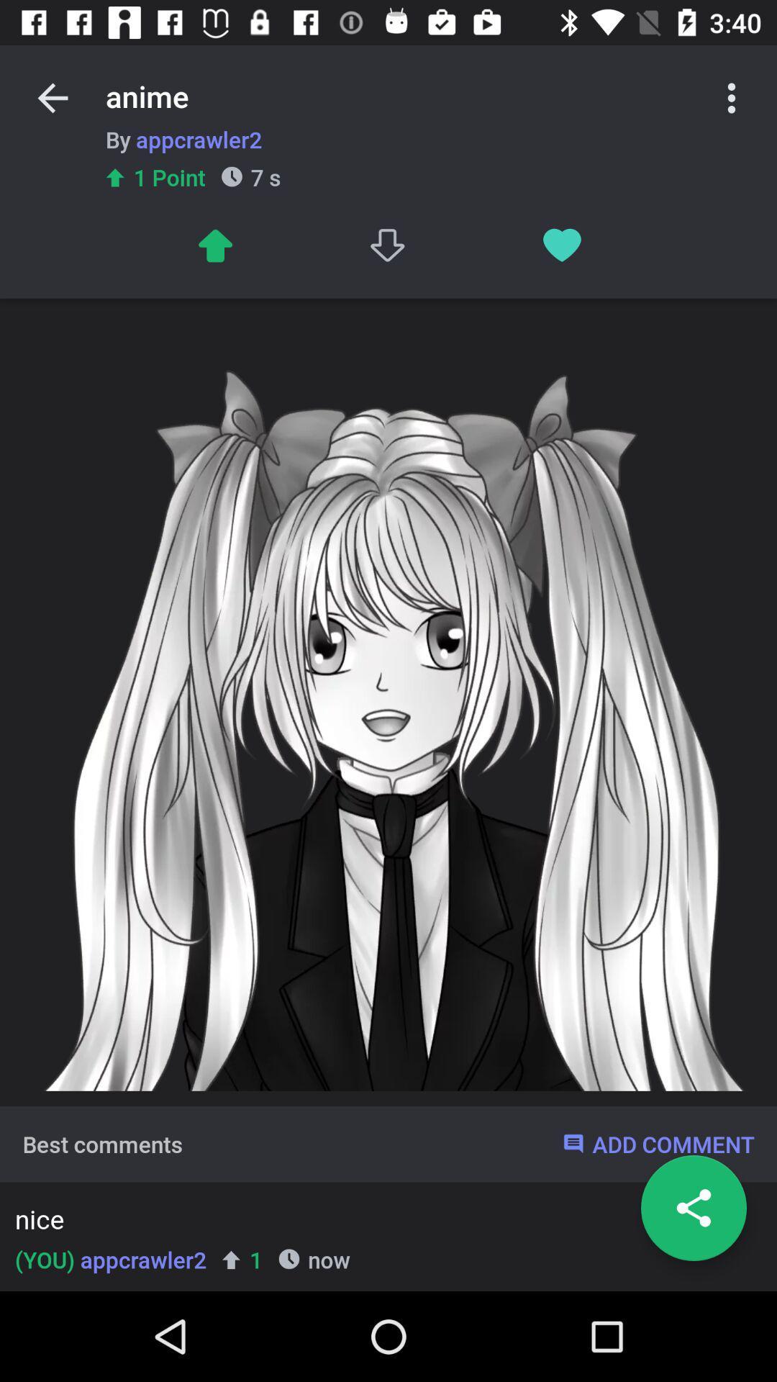 The width and height of the screenshot is (777, 1382). What do you see at coordinates (52, 97) in the screenshot?
I see `the arrow_backward icon` at bounding box center [52, 97].